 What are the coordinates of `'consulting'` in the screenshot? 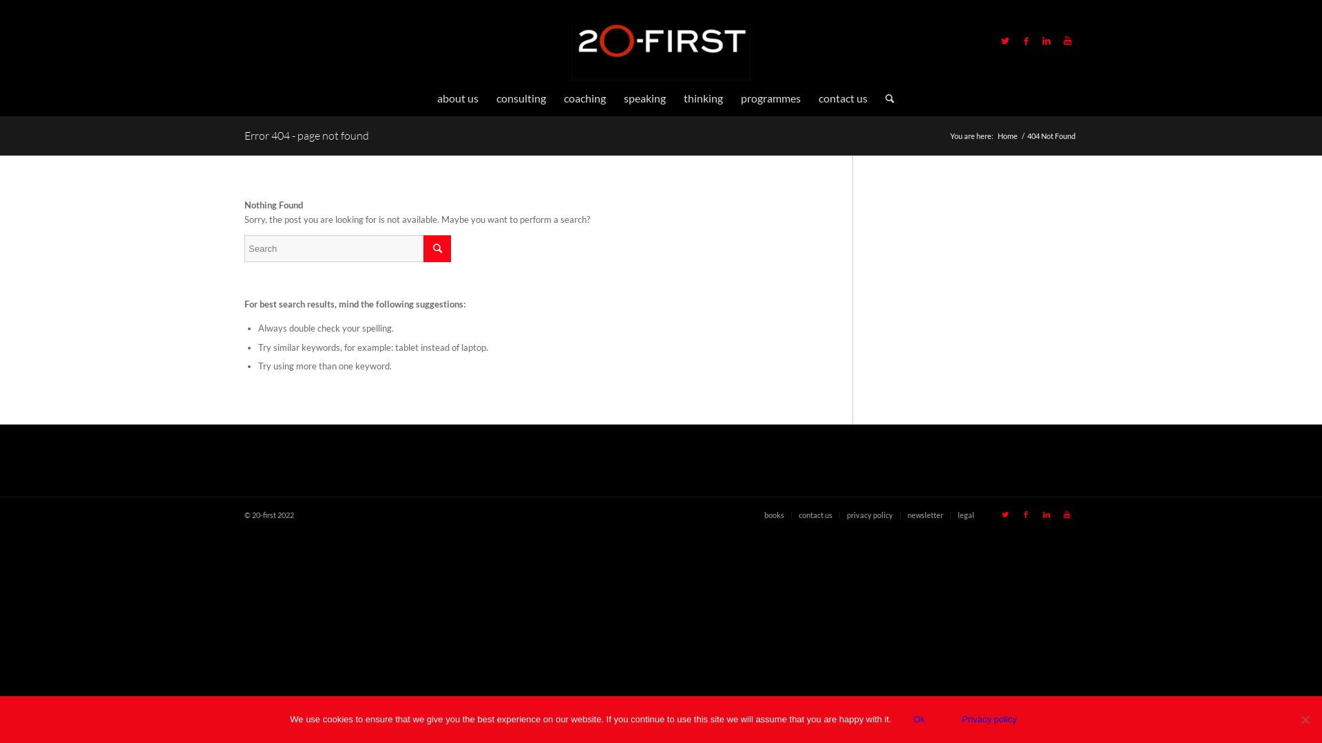 It's located at (521, 97).